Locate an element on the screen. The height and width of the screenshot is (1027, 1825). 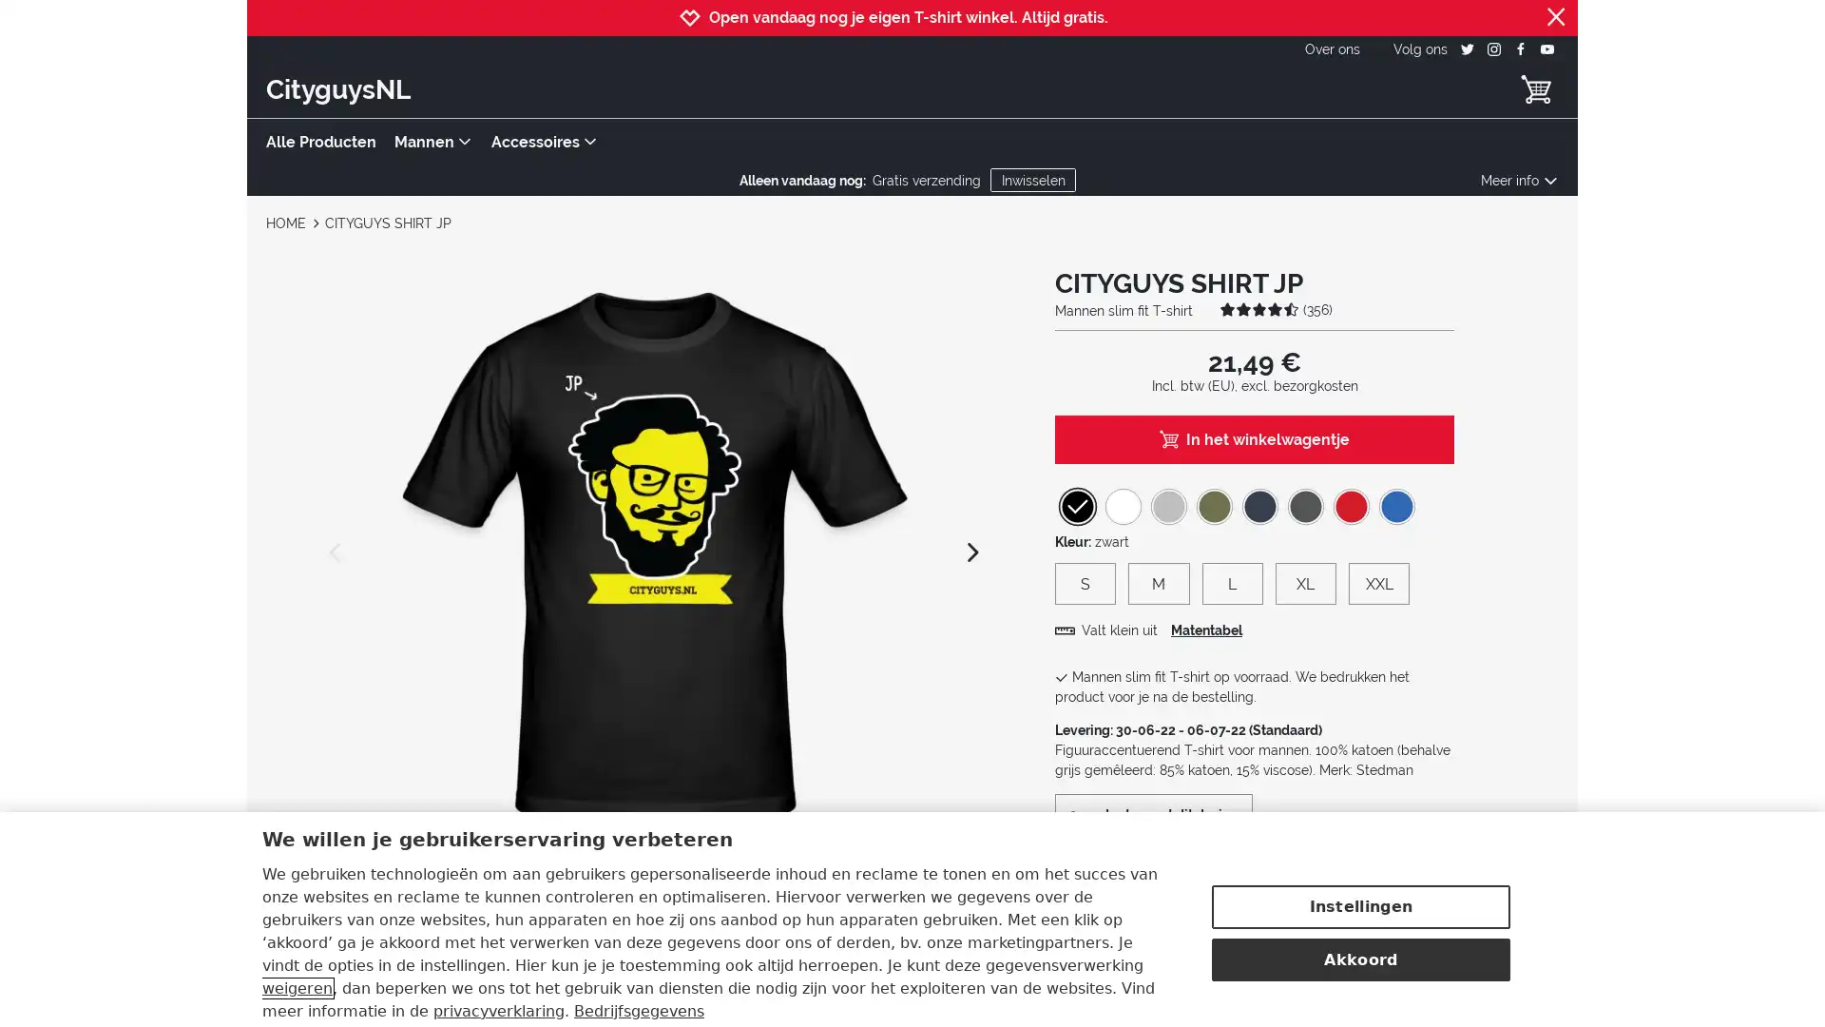
L is located at coordinates (1232, 582).